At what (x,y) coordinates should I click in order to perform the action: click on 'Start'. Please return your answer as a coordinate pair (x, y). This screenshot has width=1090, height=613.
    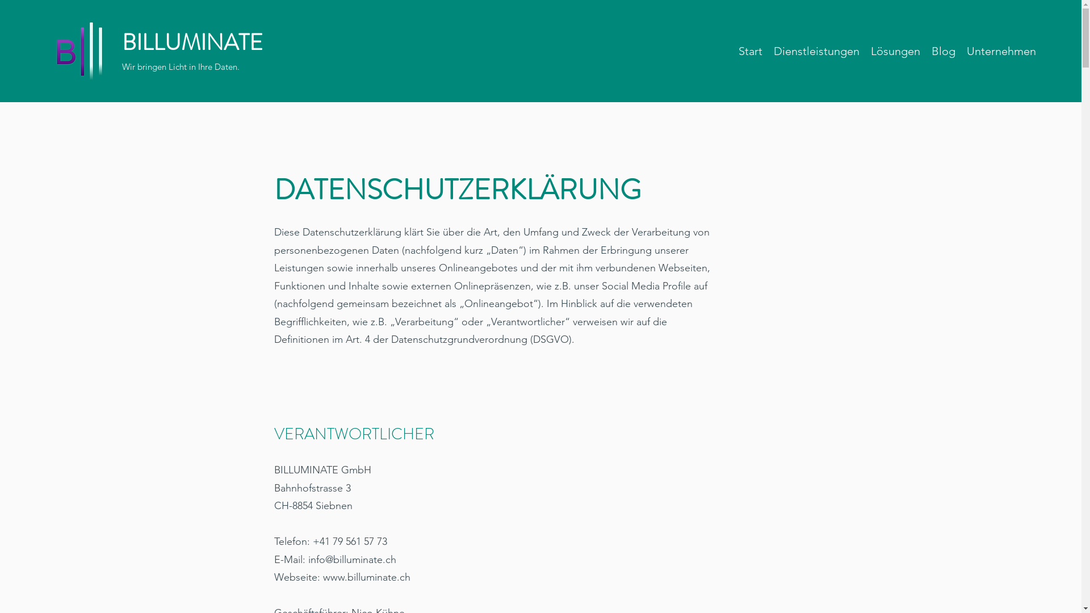
    Looking at the image, I should click on (750, 50).